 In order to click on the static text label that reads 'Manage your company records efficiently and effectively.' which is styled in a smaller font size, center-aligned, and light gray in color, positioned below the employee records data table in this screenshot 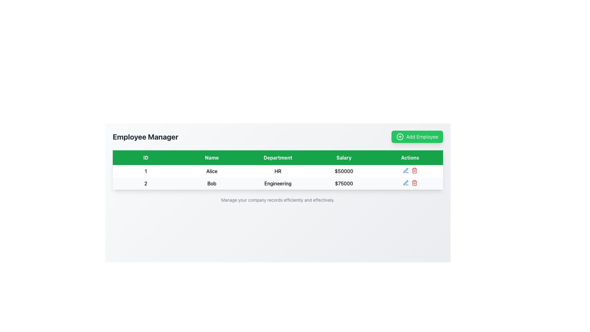, I will do `click(277, 200)`.